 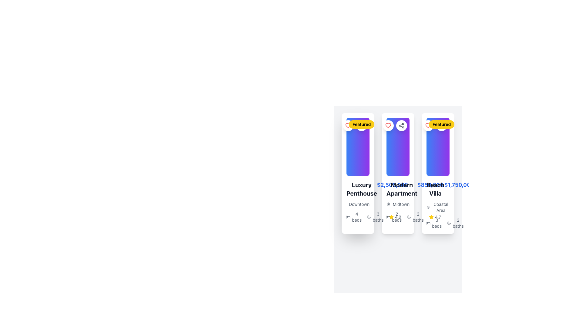 What do you see at coordinates (398, 189) in the screenshot?
I see `the combined static text display showing 'Modern Apartment' and the price '$850,000' located in the second property card from the left, below the image area` at bounding box center [398, 189].